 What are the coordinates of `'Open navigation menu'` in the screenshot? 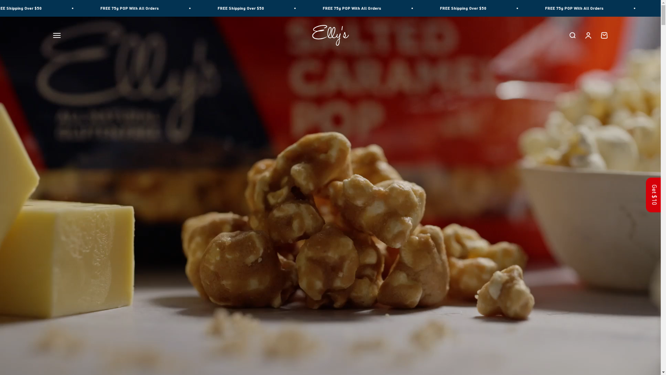 It's located at (57, 35).